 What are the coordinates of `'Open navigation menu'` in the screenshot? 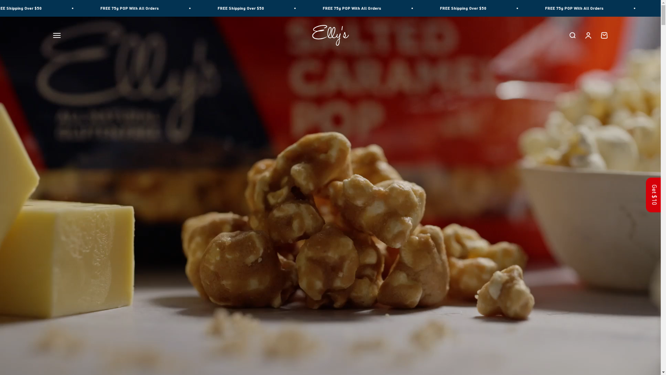 It's located at (57, 35).